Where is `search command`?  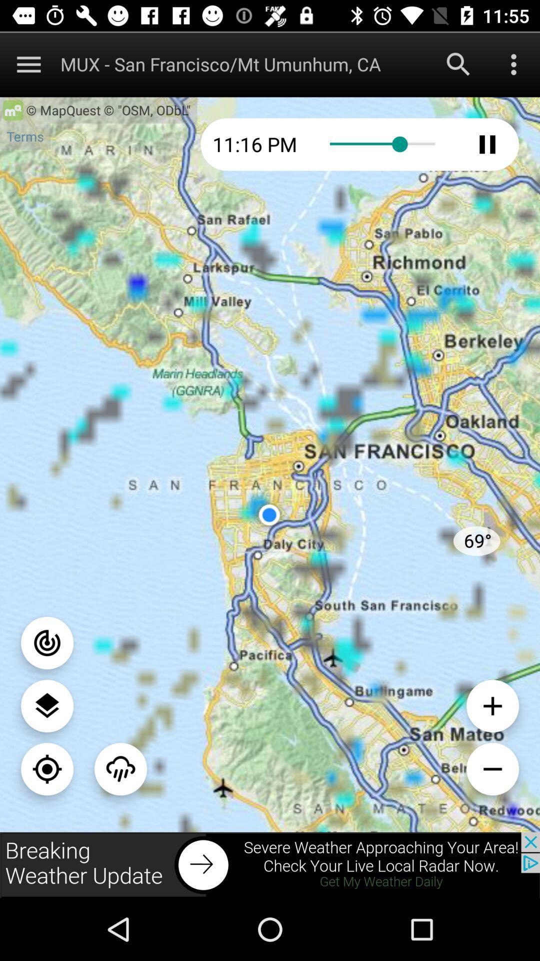
search command is located at coordinates (458, 64).